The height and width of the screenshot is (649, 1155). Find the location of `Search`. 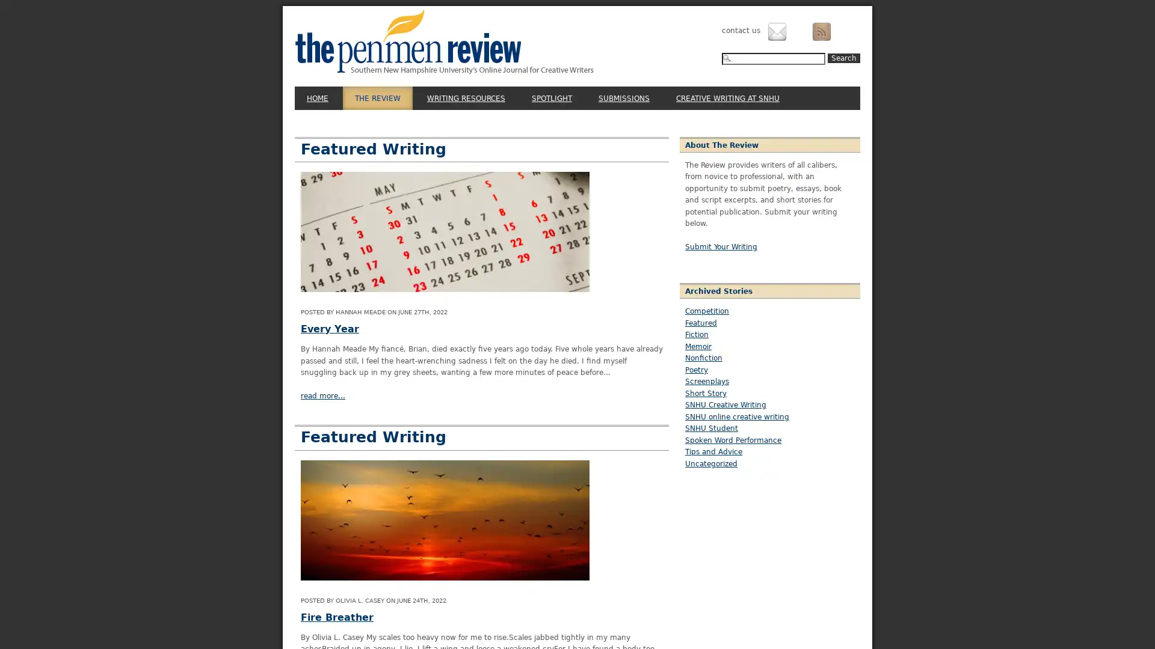

Search is located at coordinates (843, 58).